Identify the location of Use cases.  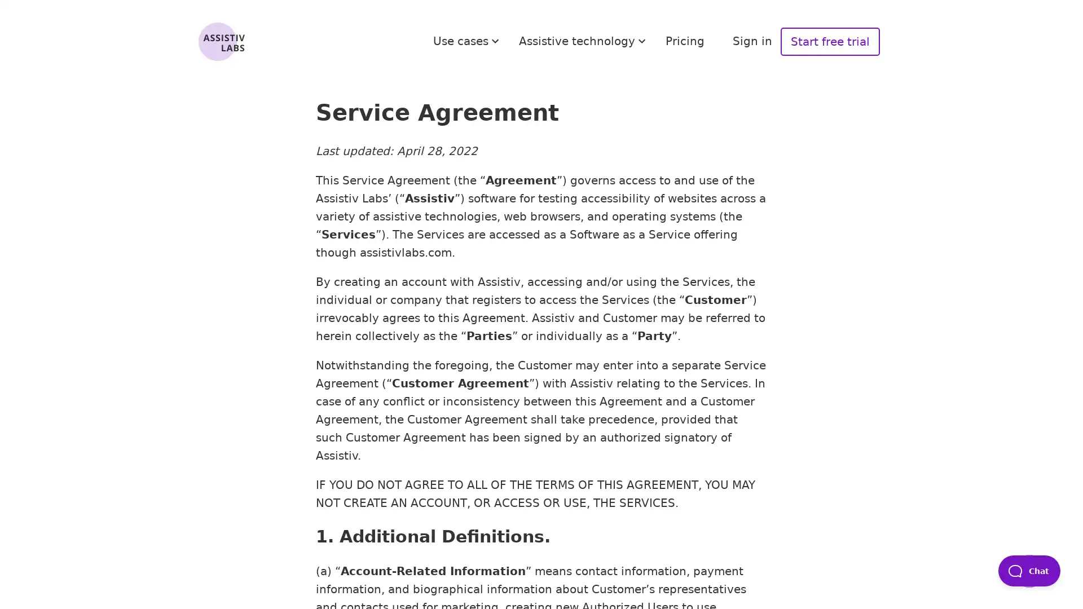
(468, 41).